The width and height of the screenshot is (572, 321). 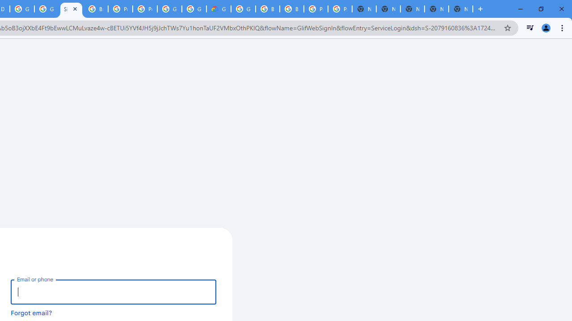 What do you see at coordinates (71, 9) in the screenshot?
I see `'Sign in - Google Accounts'` at bounding box center [71, 9].